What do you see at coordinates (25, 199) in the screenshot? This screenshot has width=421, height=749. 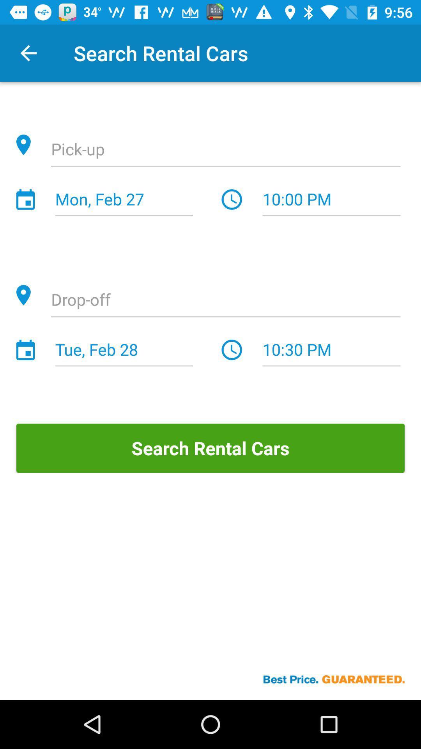 I see `calendar` at bounding box center [25, 199].